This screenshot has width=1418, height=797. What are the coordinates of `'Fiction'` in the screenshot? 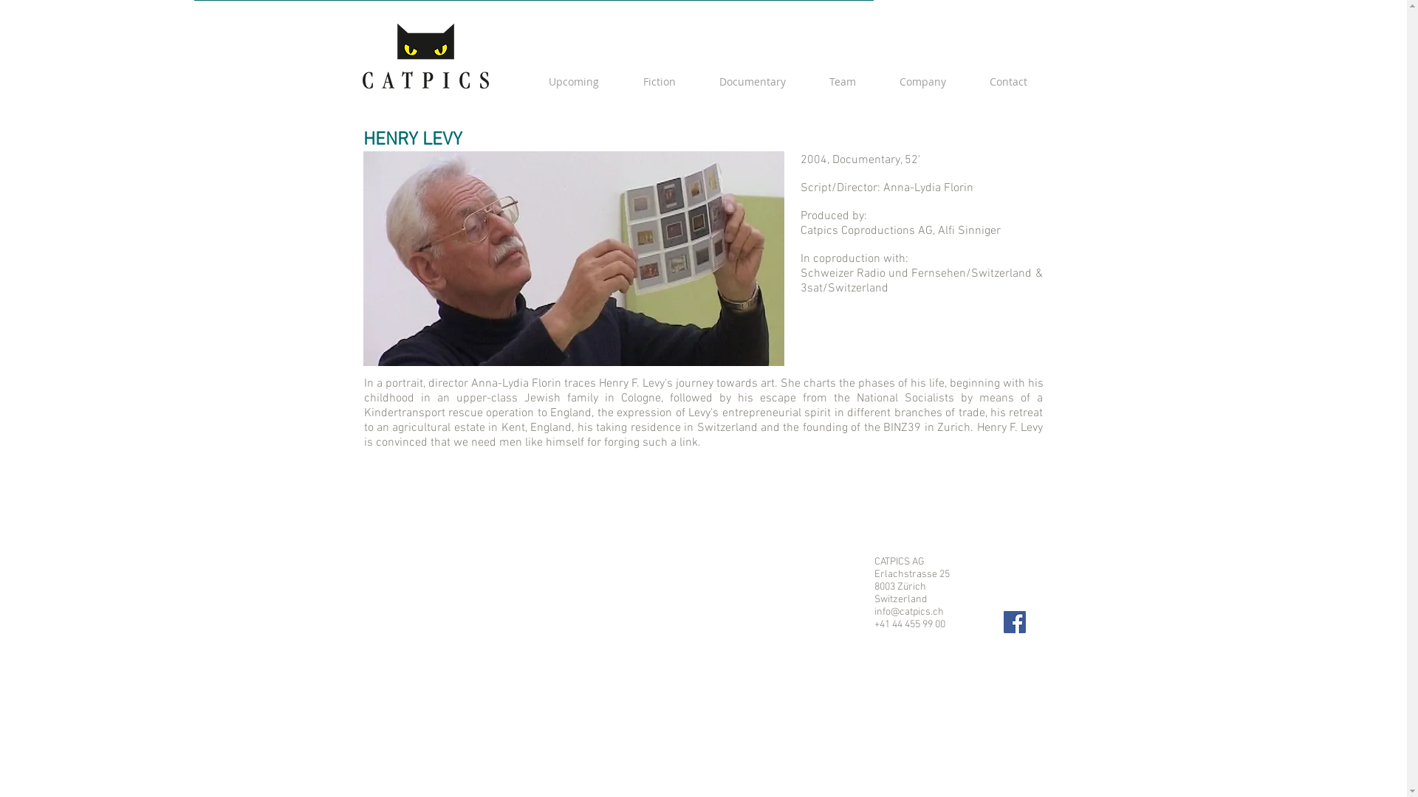 It's located at (658, 82).